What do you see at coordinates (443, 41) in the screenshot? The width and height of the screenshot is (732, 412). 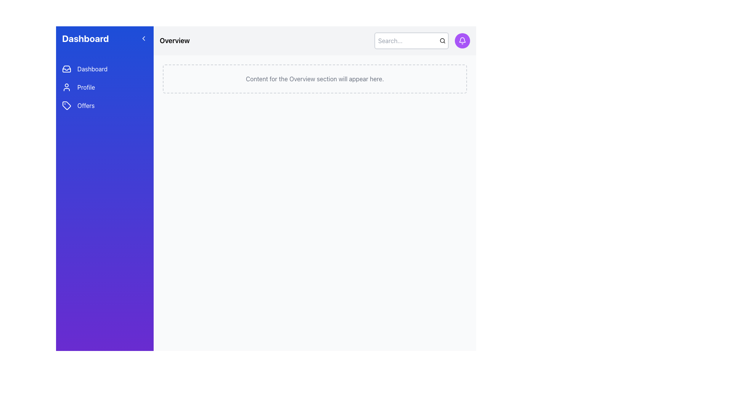 I see `the magnifying glass icon located at the rightmost side of the horizontal search bar` at bounding box center [443, 41].